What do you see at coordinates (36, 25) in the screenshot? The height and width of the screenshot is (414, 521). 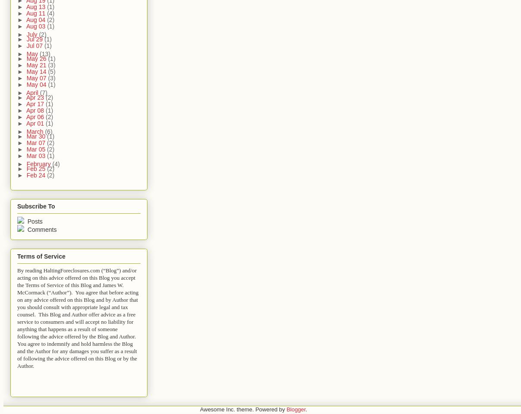 I see `'Aug 03'` at bounding box center [36, 25].